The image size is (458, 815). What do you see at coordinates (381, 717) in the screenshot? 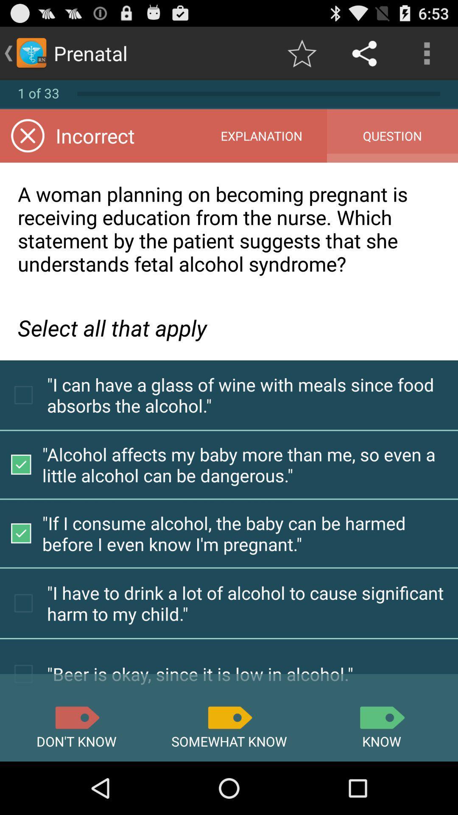
I see `know button` at bounding box center [381, 717].